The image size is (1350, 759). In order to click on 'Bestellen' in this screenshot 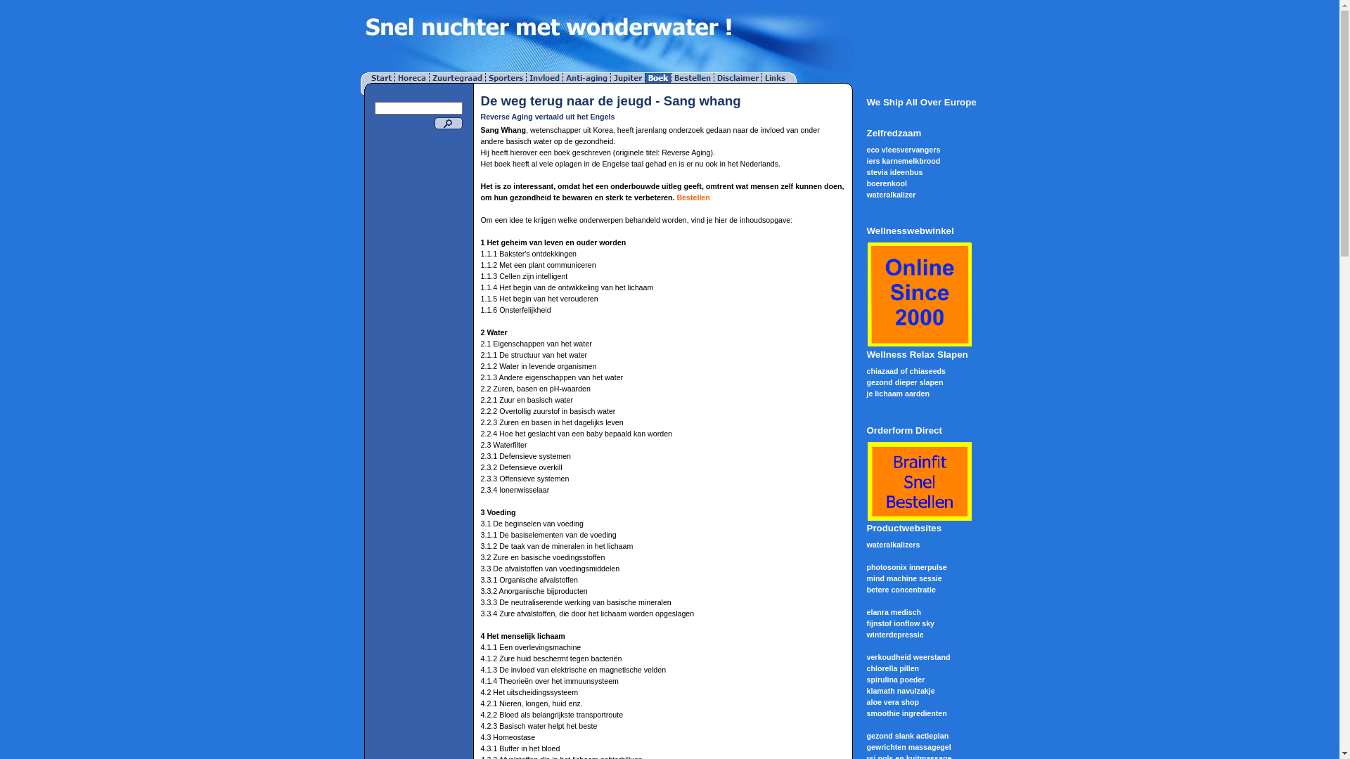, I will do `click(676, 197)`.